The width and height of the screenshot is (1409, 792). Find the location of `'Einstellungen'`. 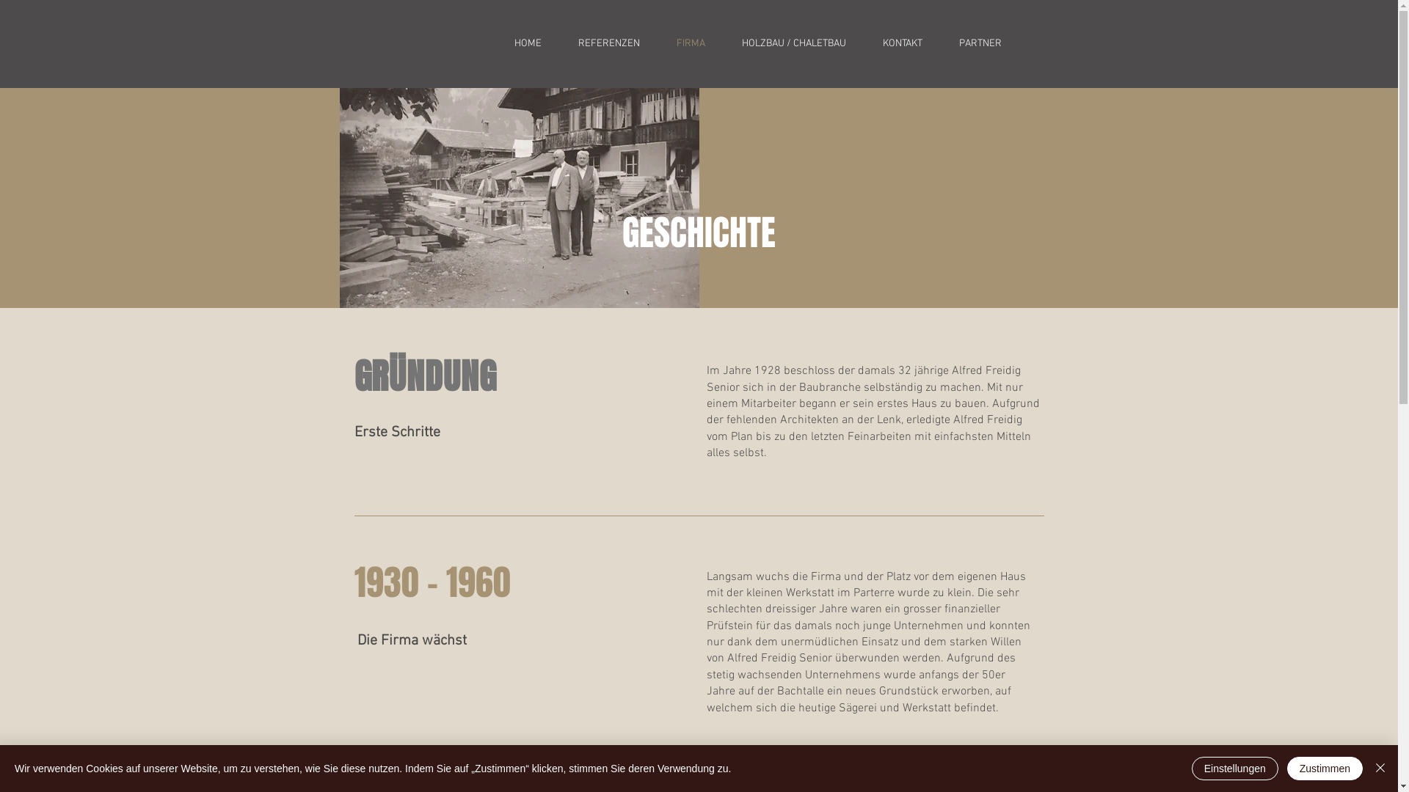

'Einstellungen' is located at coordinates (1234, 768).